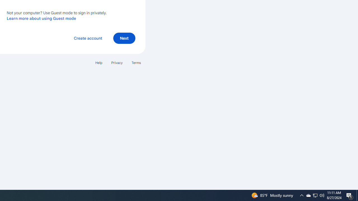 The image size is (358, 201). Describe the element at coordinates (41, 18) in the screenshot. I see `'Learn more about using Guest mode'` at that location.